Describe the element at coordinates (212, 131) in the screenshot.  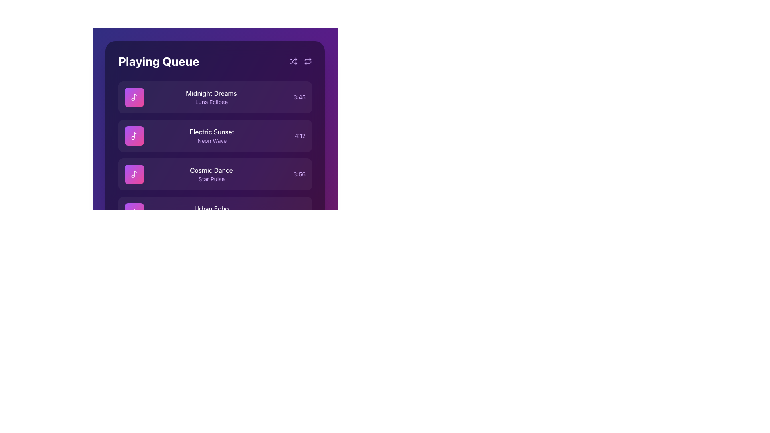
I see `the song title text label located in the second row of the 'Playing Queue' section` at that location.